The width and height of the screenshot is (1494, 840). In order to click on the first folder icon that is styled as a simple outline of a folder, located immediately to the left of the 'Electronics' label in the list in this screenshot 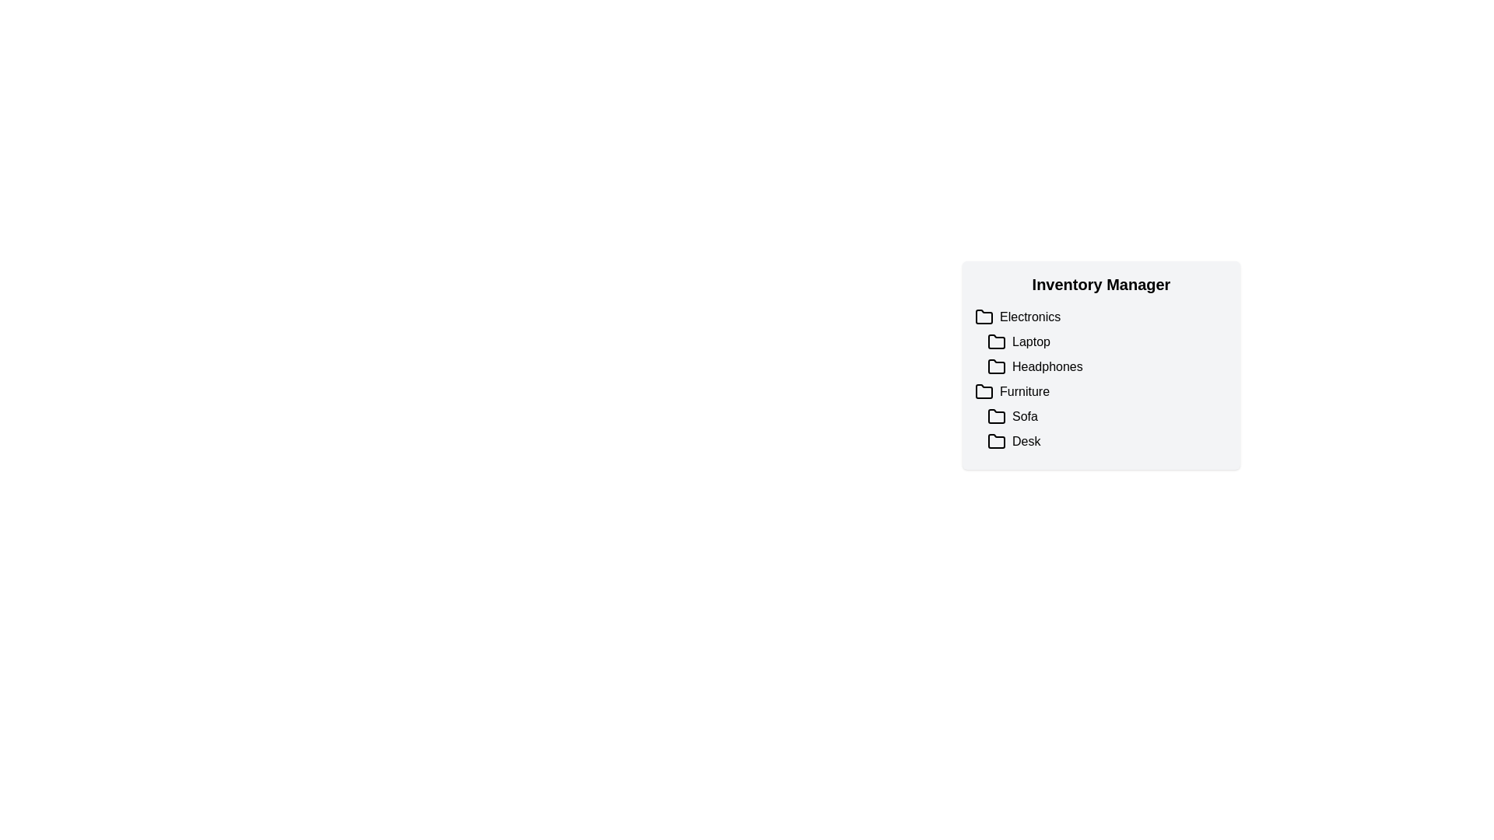, I will do `click(984, 316)`.